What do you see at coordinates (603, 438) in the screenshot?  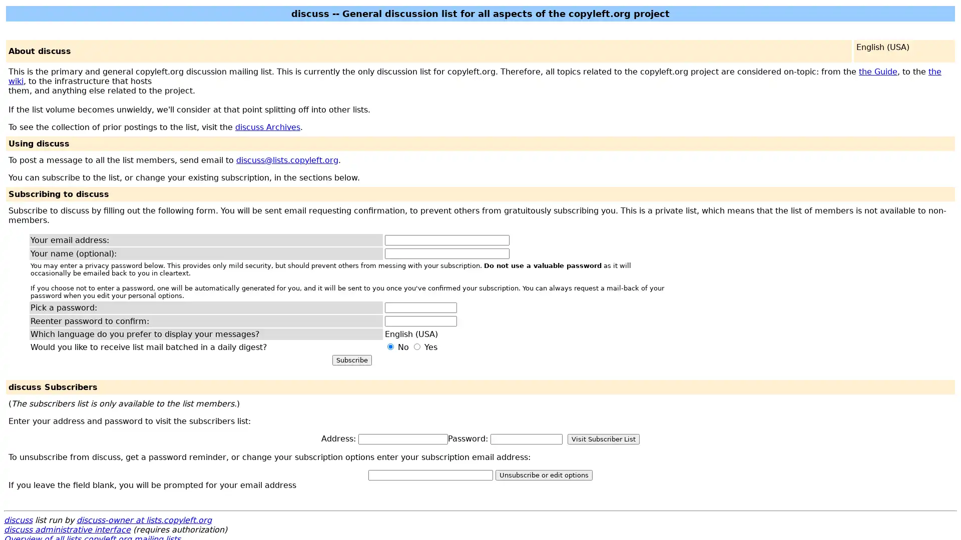 I see `Visit Subscriber List` at bounding box center [603, 438].